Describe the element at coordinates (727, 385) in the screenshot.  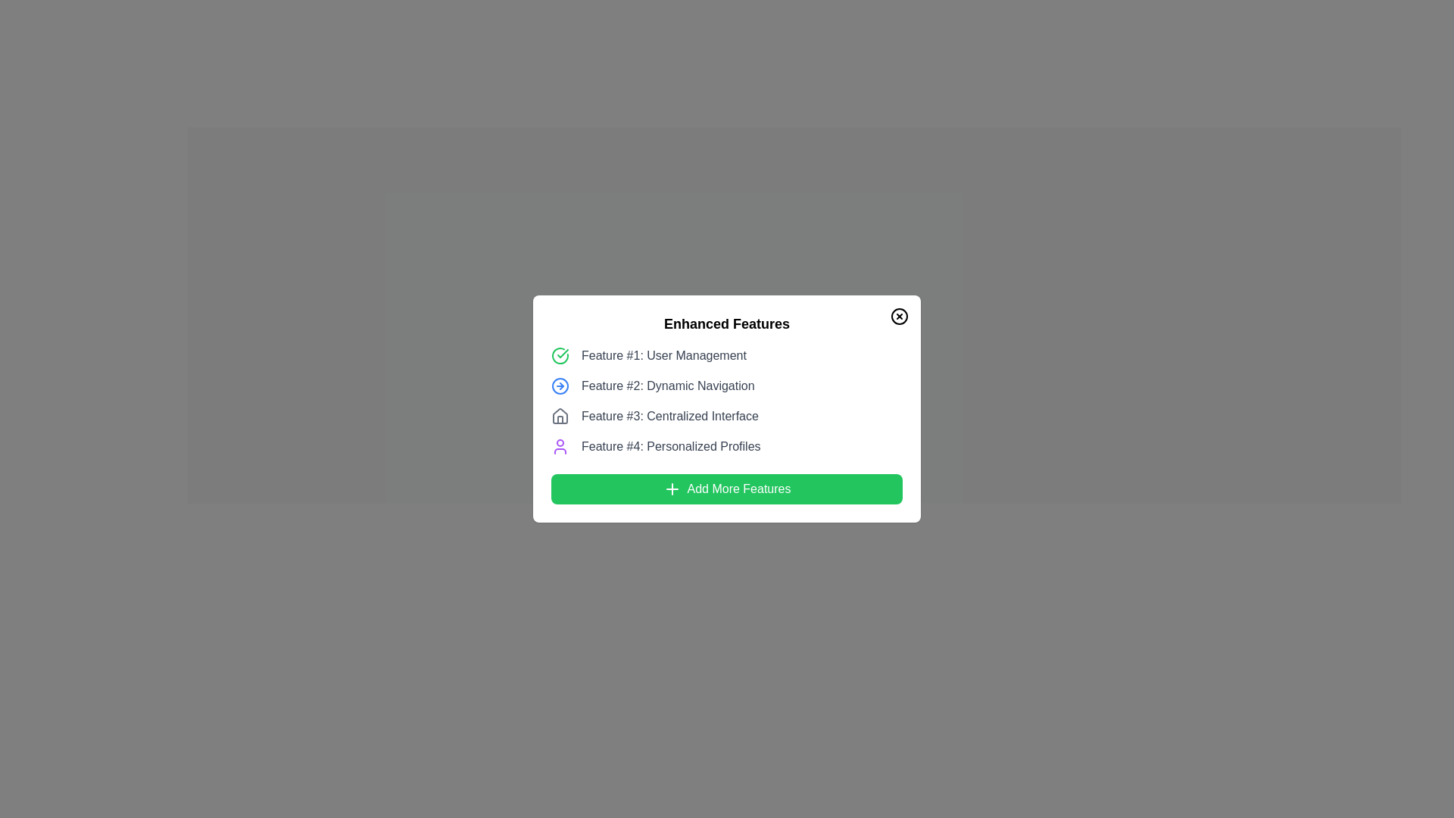
I see `the second item in the 'Enhanced Features' list which provides details or initiates actions related to dynamic navigation` at that location.